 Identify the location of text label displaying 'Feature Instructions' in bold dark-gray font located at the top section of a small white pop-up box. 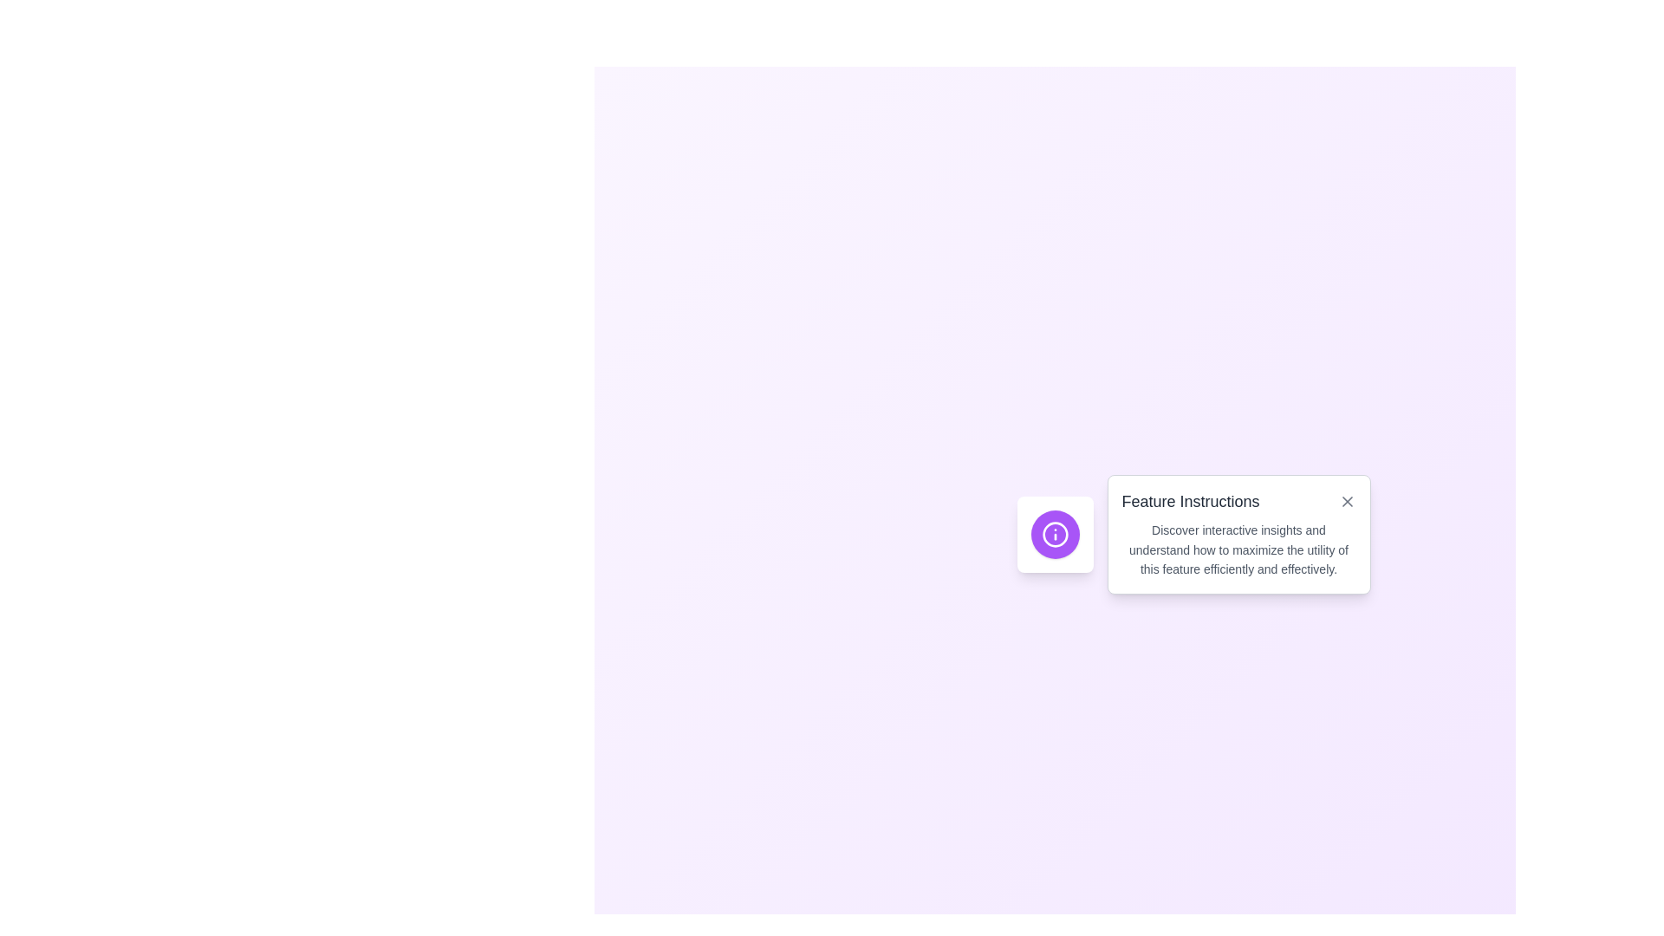
(1189, 501).